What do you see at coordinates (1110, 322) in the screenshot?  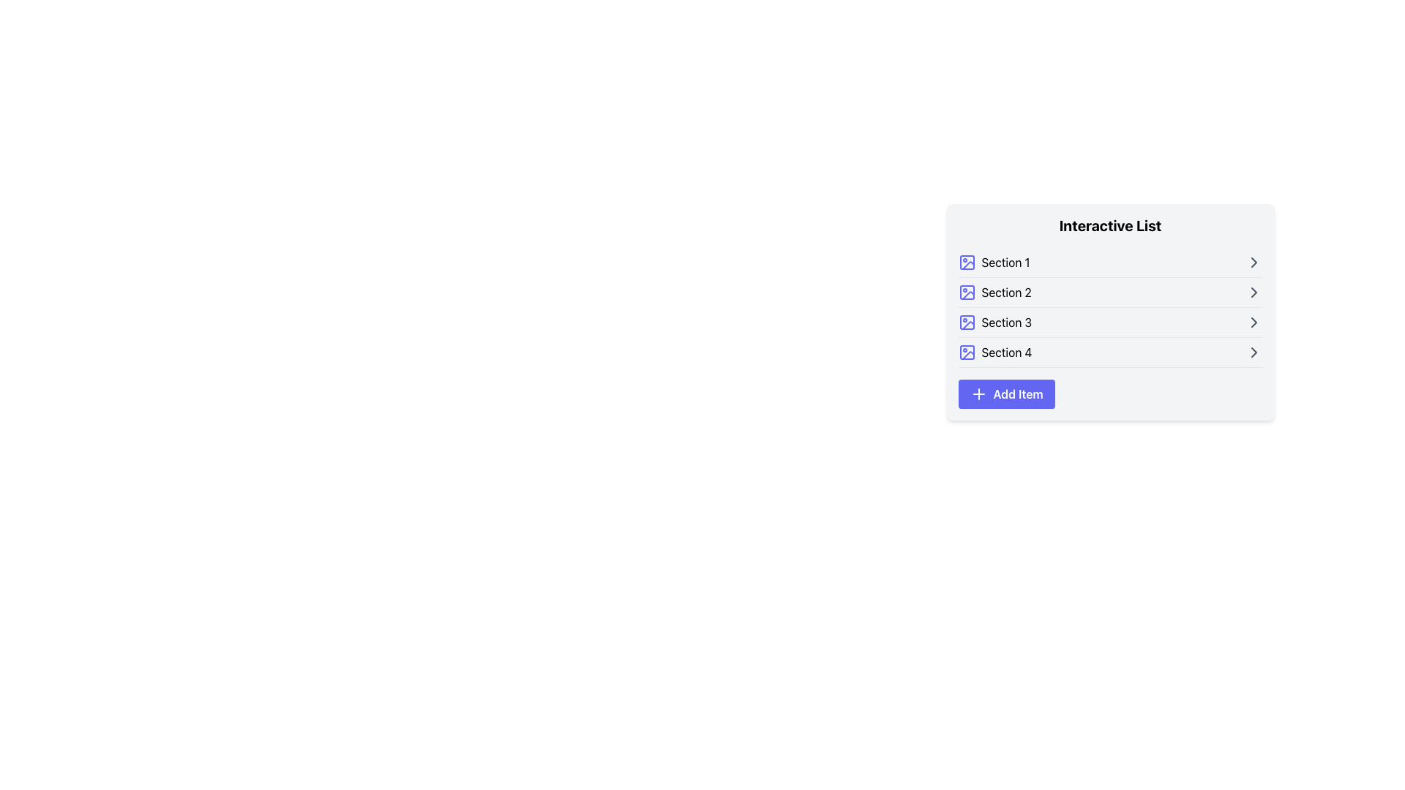 I see `the row labeled 'Section 3' in the vertical list` at bounding box center [1110, 322].